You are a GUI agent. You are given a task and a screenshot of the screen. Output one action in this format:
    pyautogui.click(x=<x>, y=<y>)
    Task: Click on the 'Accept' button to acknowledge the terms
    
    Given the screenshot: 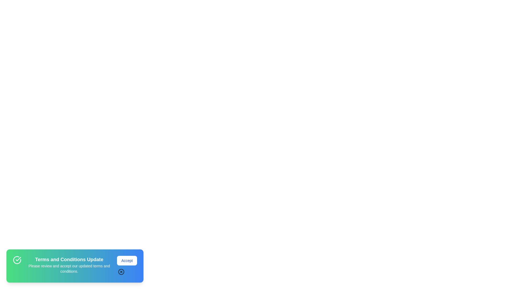 What is the action you would take?
    pyautogui.click(x=127, y=260)
    